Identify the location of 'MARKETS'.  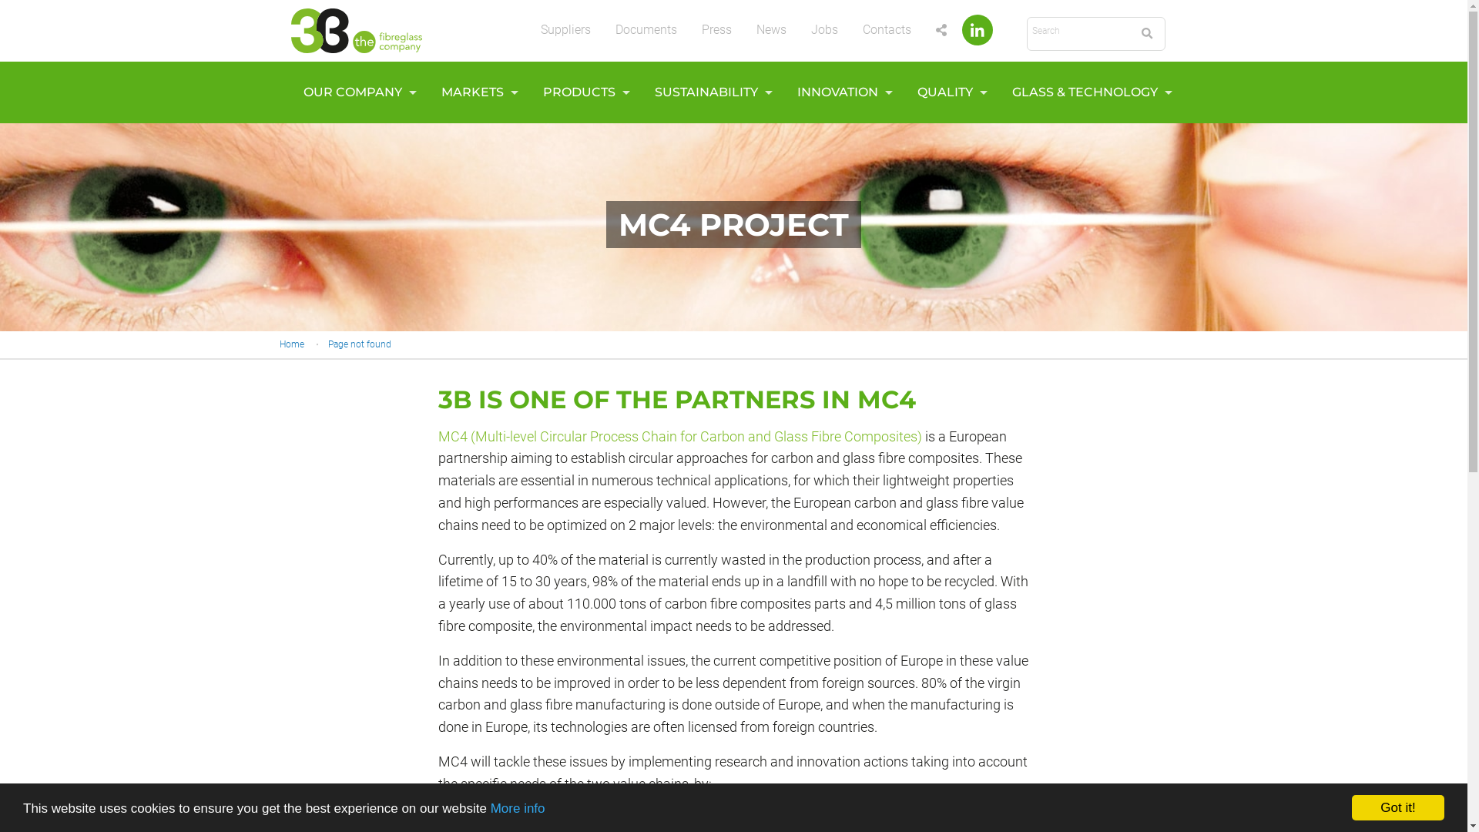
(475, 92).